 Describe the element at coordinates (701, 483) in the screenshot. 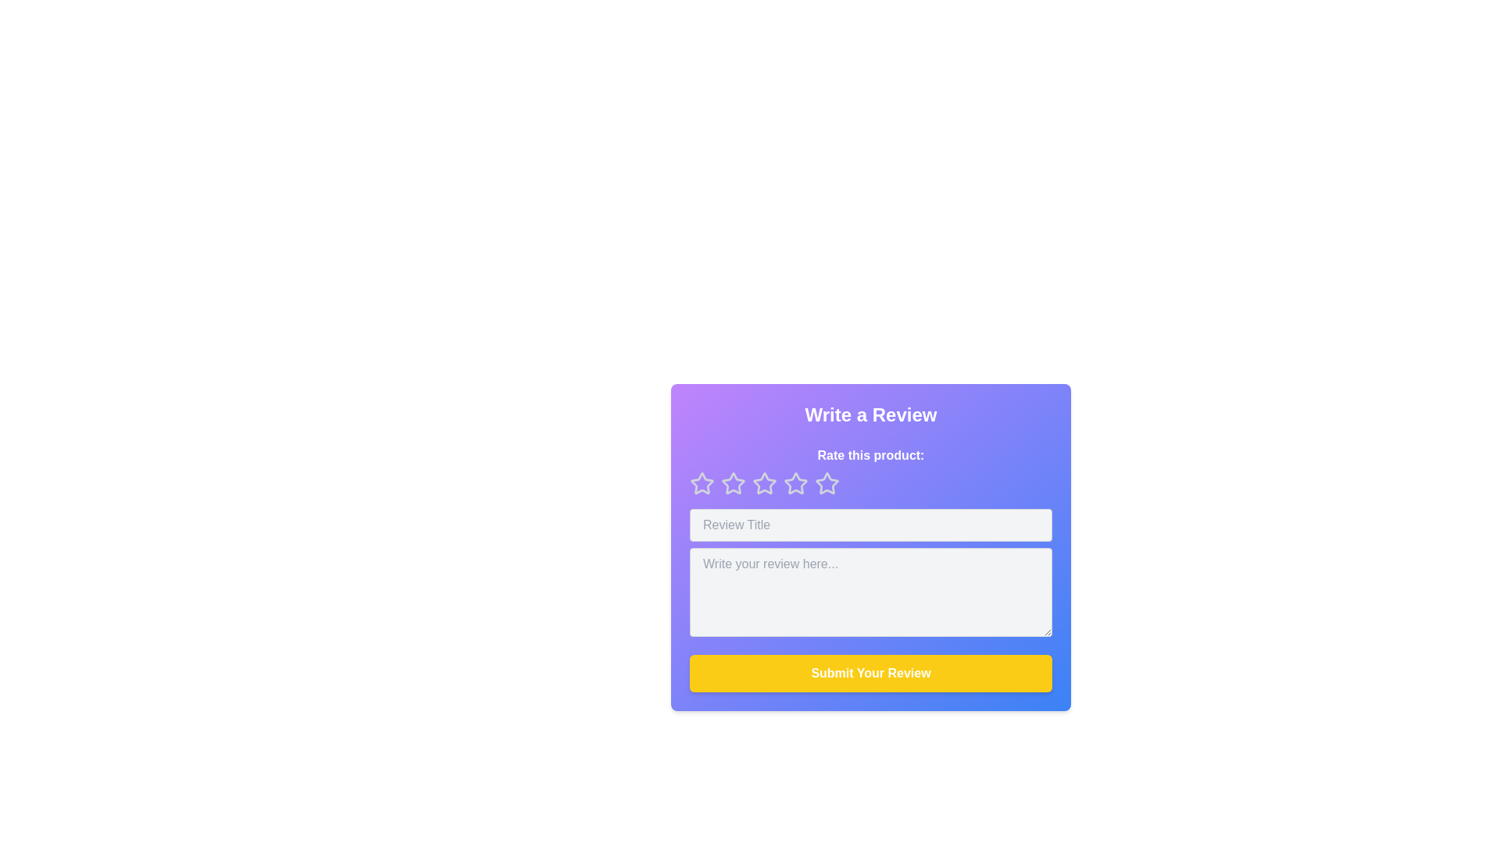

I see `the first star icon in the rating element` at that location.